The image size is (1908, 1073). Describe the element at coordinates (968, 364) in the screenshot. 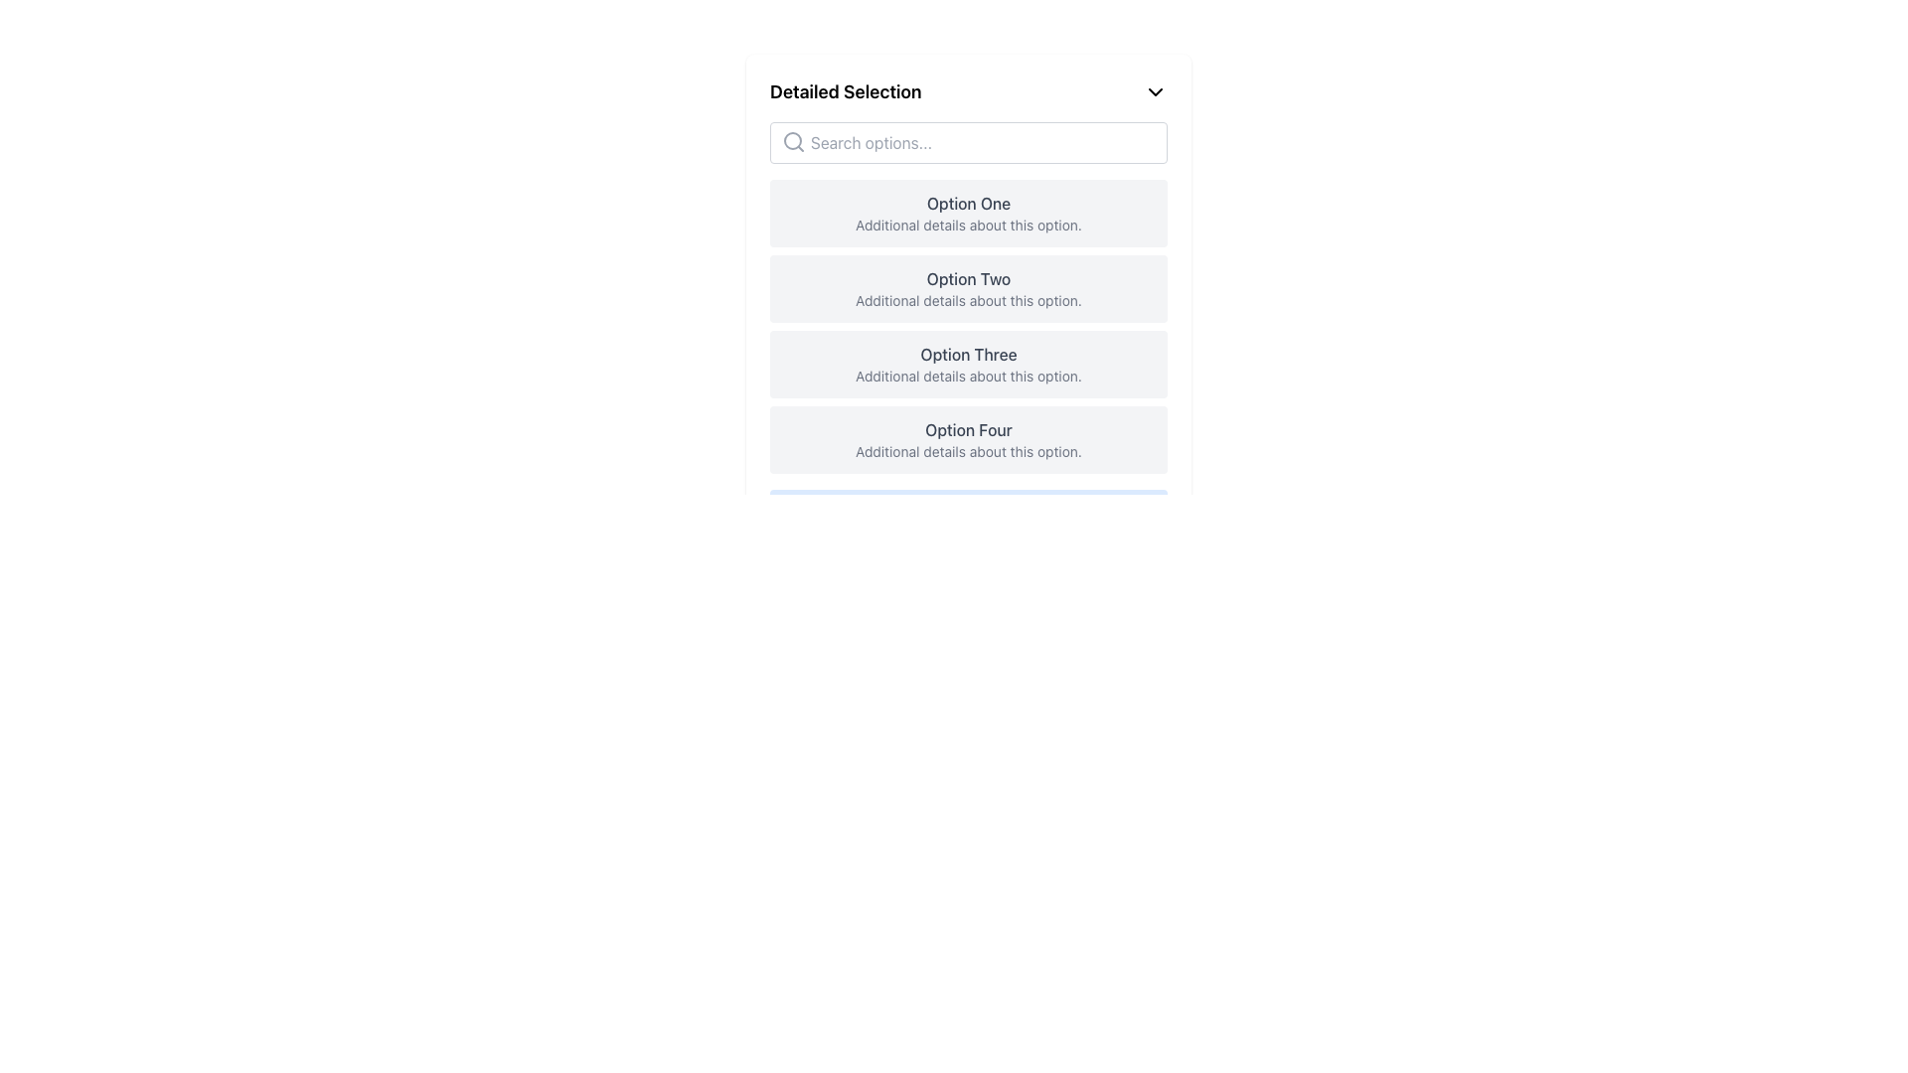

I see `the third selectable list item labeled 'Option Three'` at that location.